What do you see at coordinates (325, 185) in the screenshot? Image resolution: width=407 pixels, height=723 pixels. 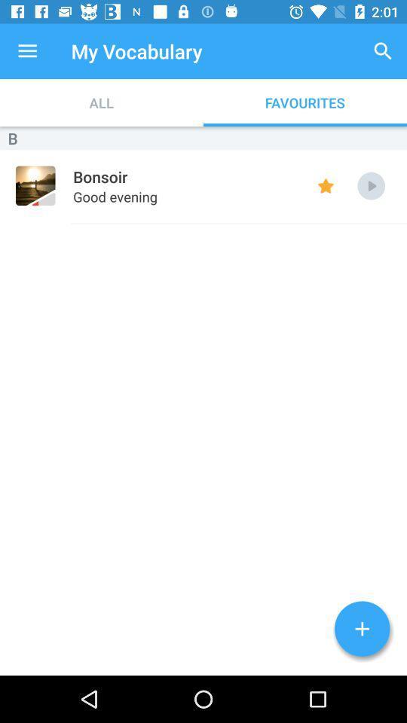 I see `star` at bounding box center [325, 185].